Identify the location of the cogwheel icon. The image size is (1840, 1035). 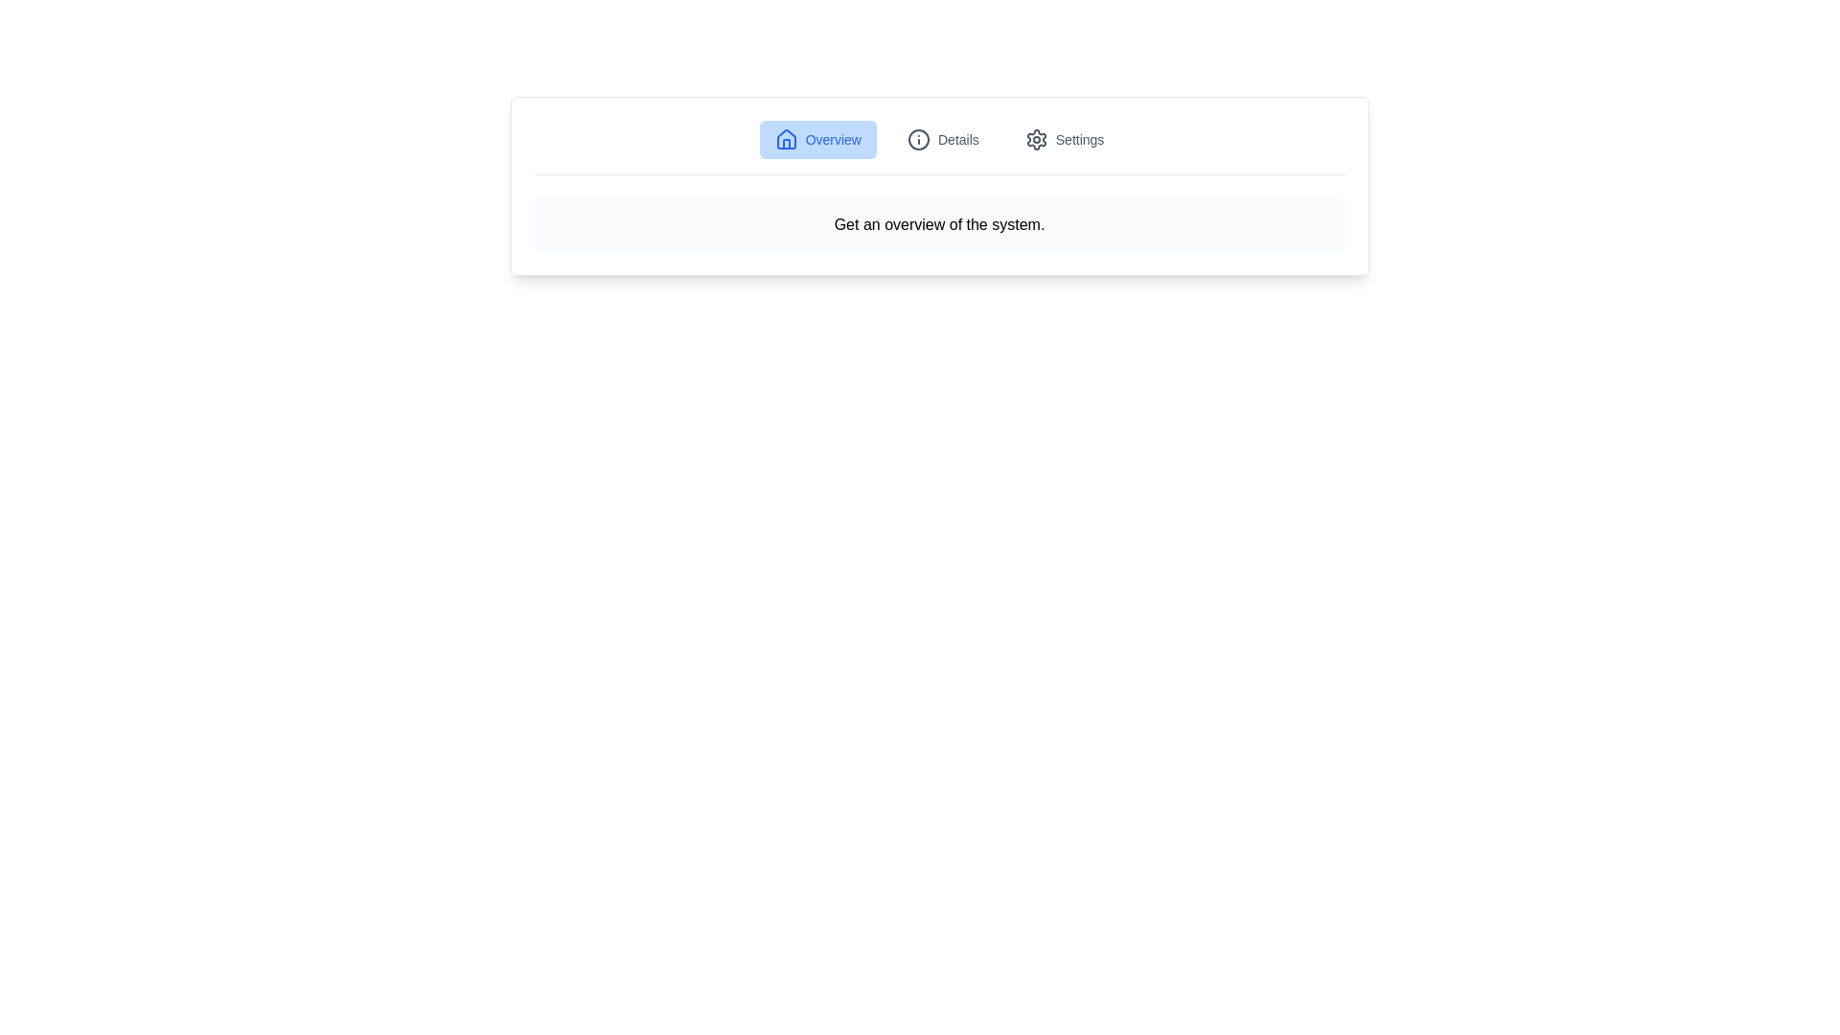
(1035, 139).